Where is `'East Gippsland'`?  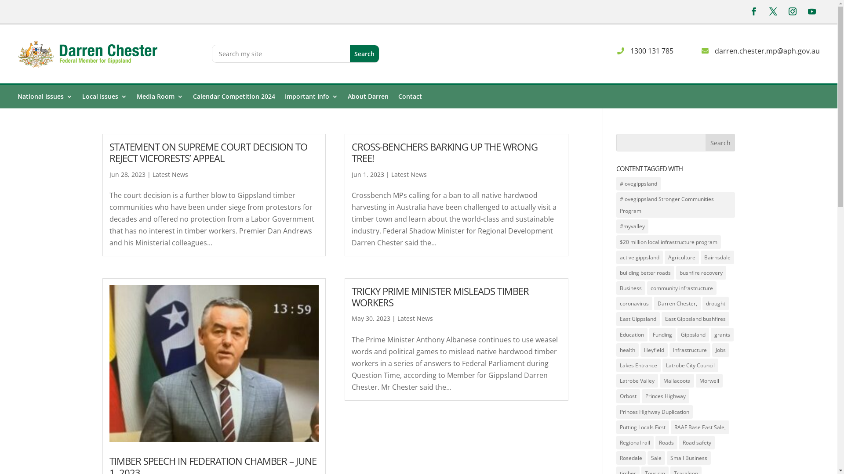 'East Gippsland' is located at coordinates (638, 319).